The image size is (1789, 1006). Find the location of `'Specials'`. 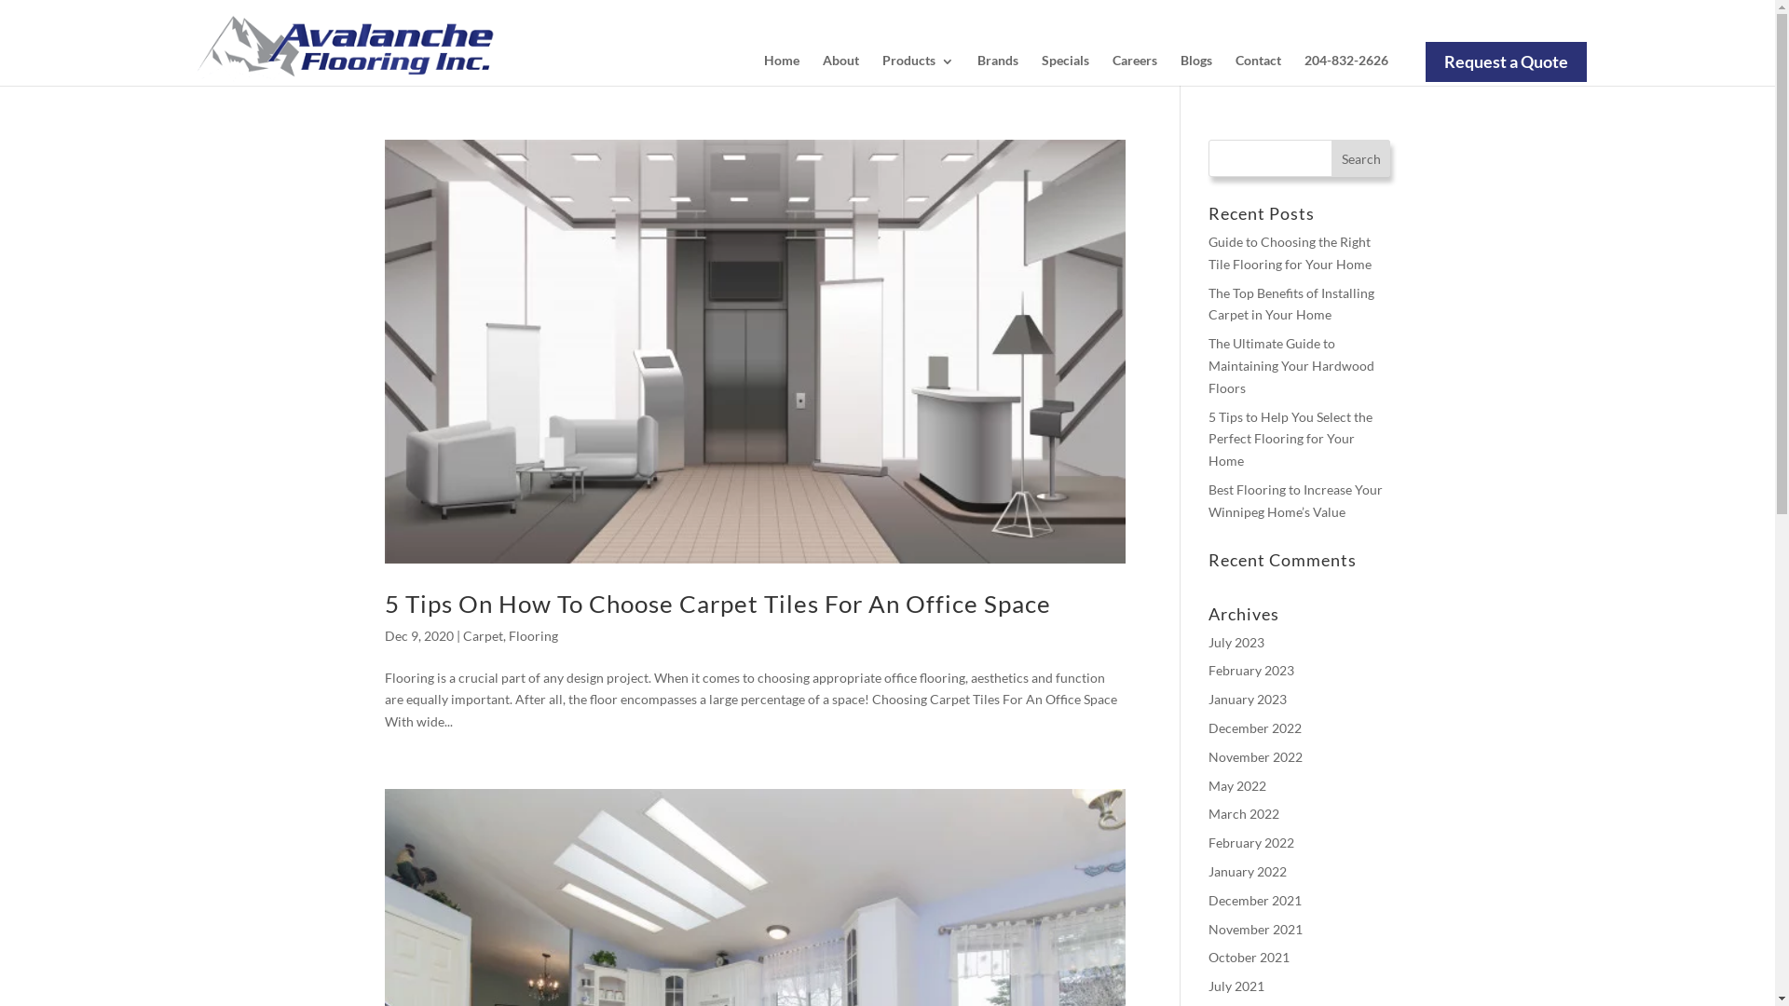

'Specials' is located at coordinates (1065, 62).